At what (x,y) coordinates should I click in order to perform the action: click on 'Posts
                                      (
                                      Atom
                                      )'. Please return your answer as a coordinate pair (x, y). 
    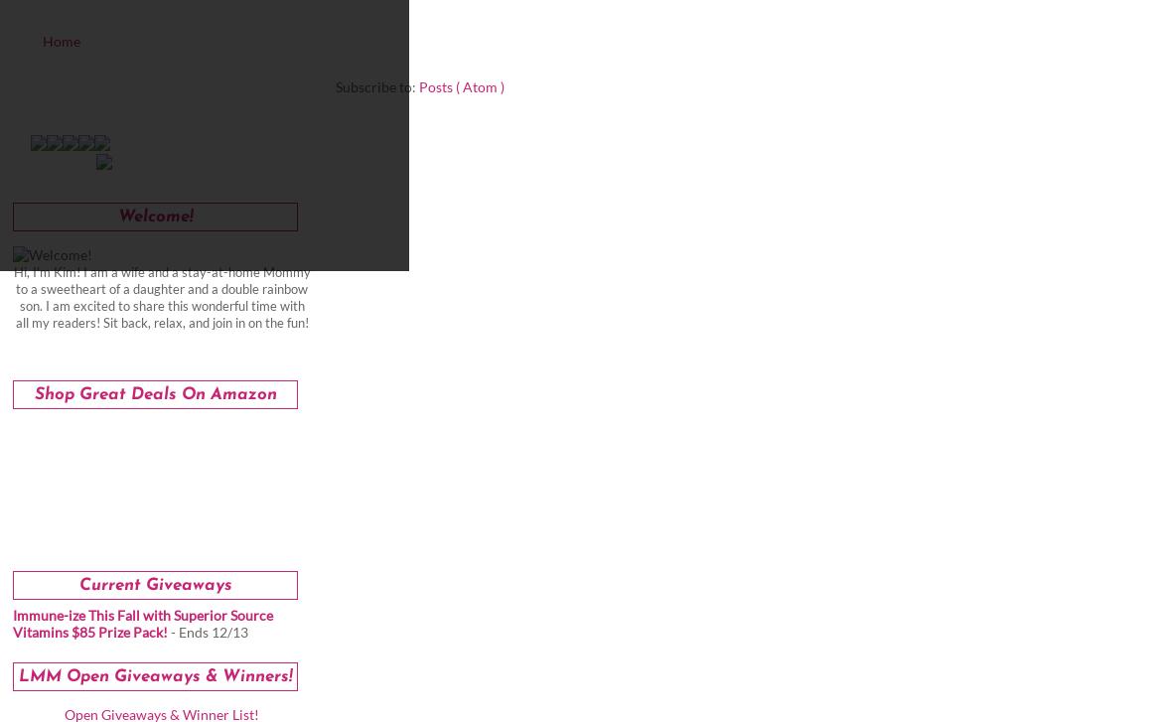
    Looking at the image, I should click on (461, 86).